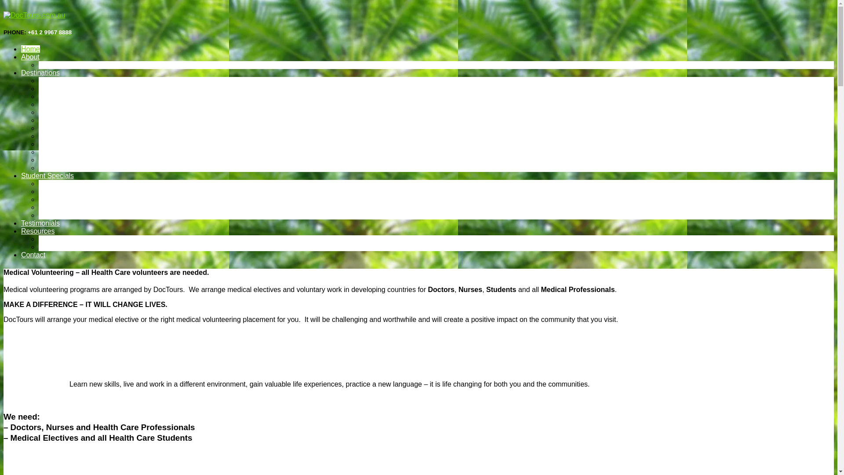  Describe the element at coordinates (61, 64) in the screenshot. I see `'Media & News'` at that location.